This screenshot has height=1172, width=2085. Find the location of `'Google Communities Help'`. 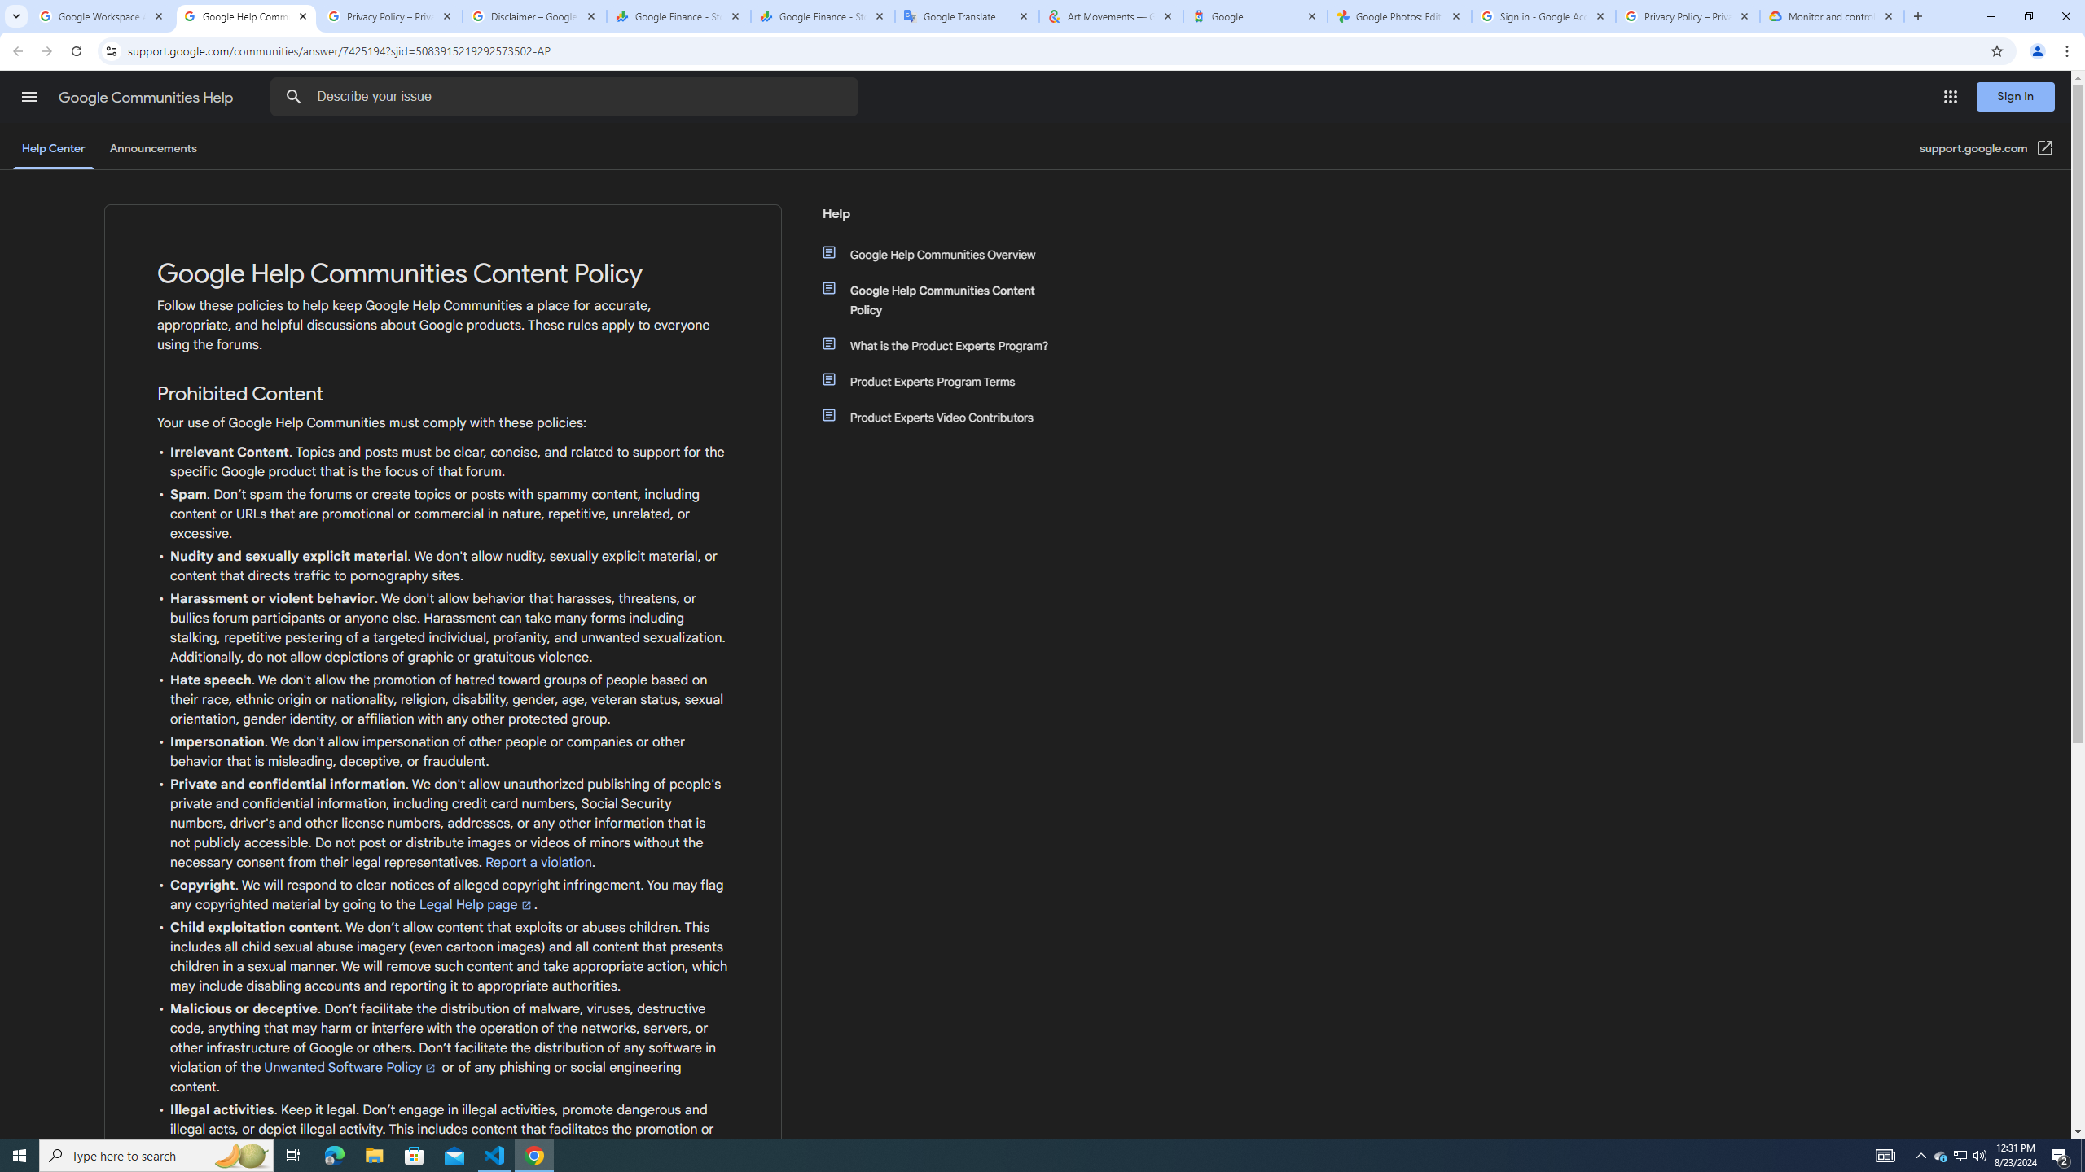

'Google Communities Help' is located at coordinates (147, 97).